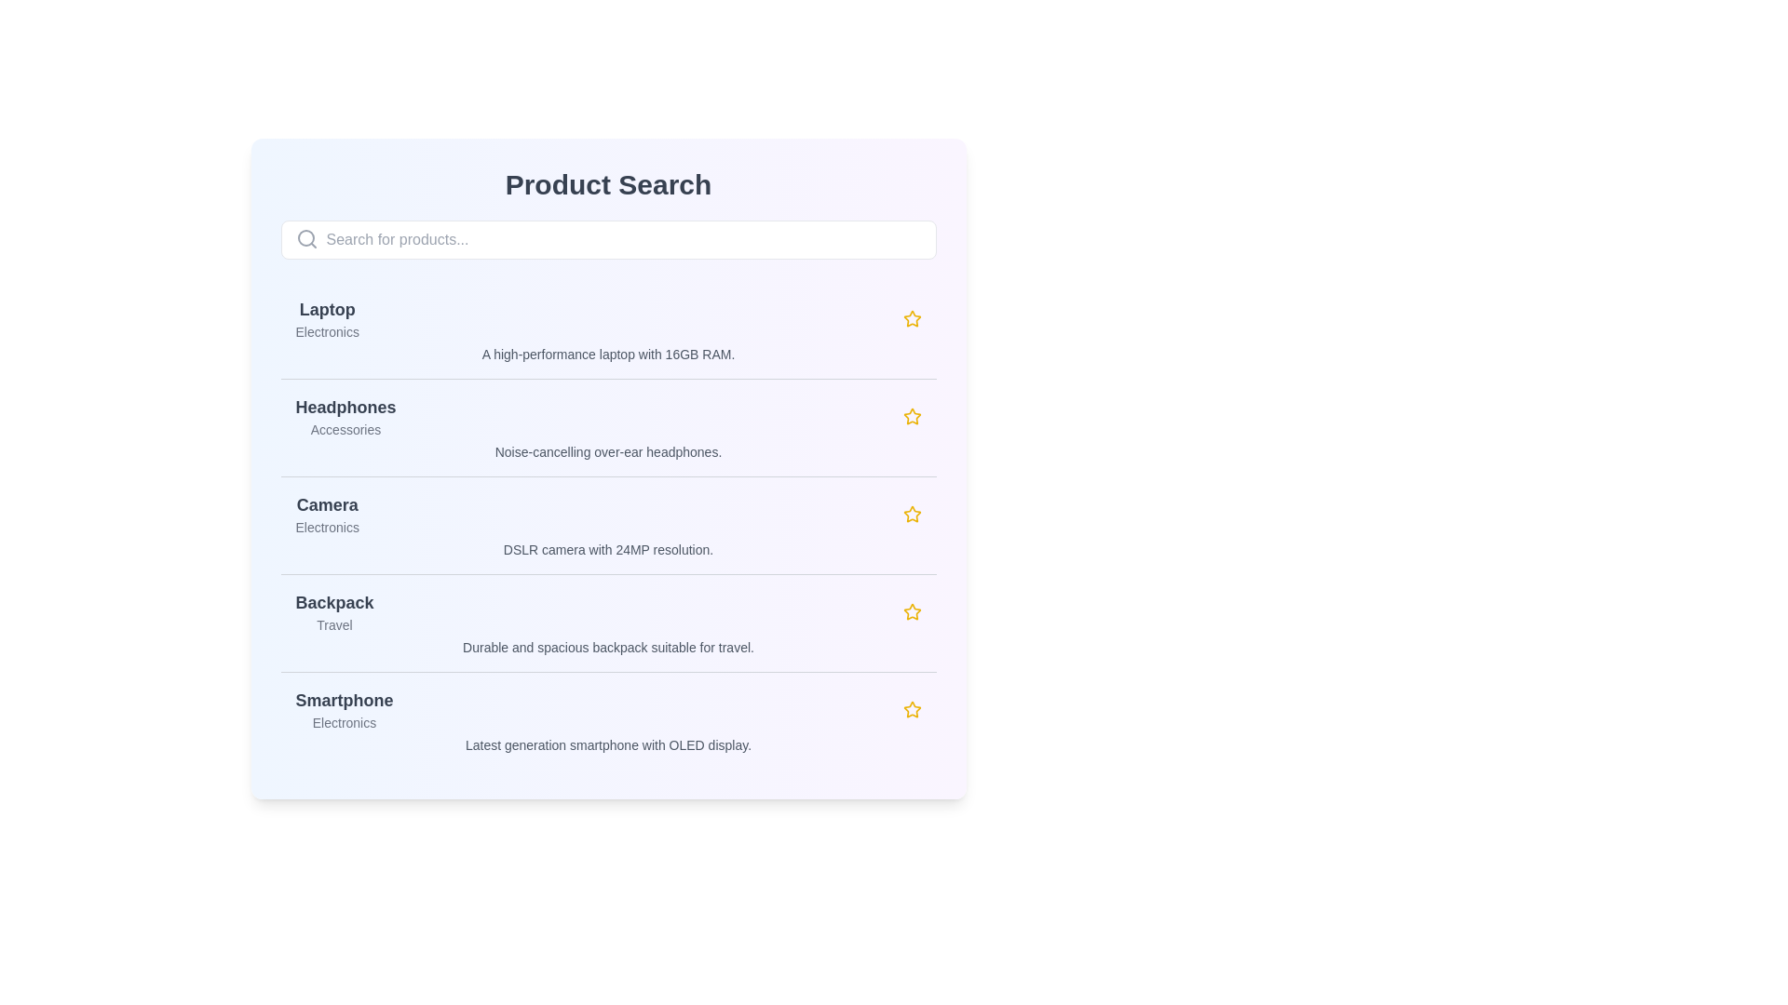 The width and height of the screenshot is (1788, 1005). What do you see at coordinates (912, 710) in the screenshot?
I see `the yellow star icon located at the far-right side of the 'Smartphone' product entry to favorite the product` at bounding box center [912, 710].